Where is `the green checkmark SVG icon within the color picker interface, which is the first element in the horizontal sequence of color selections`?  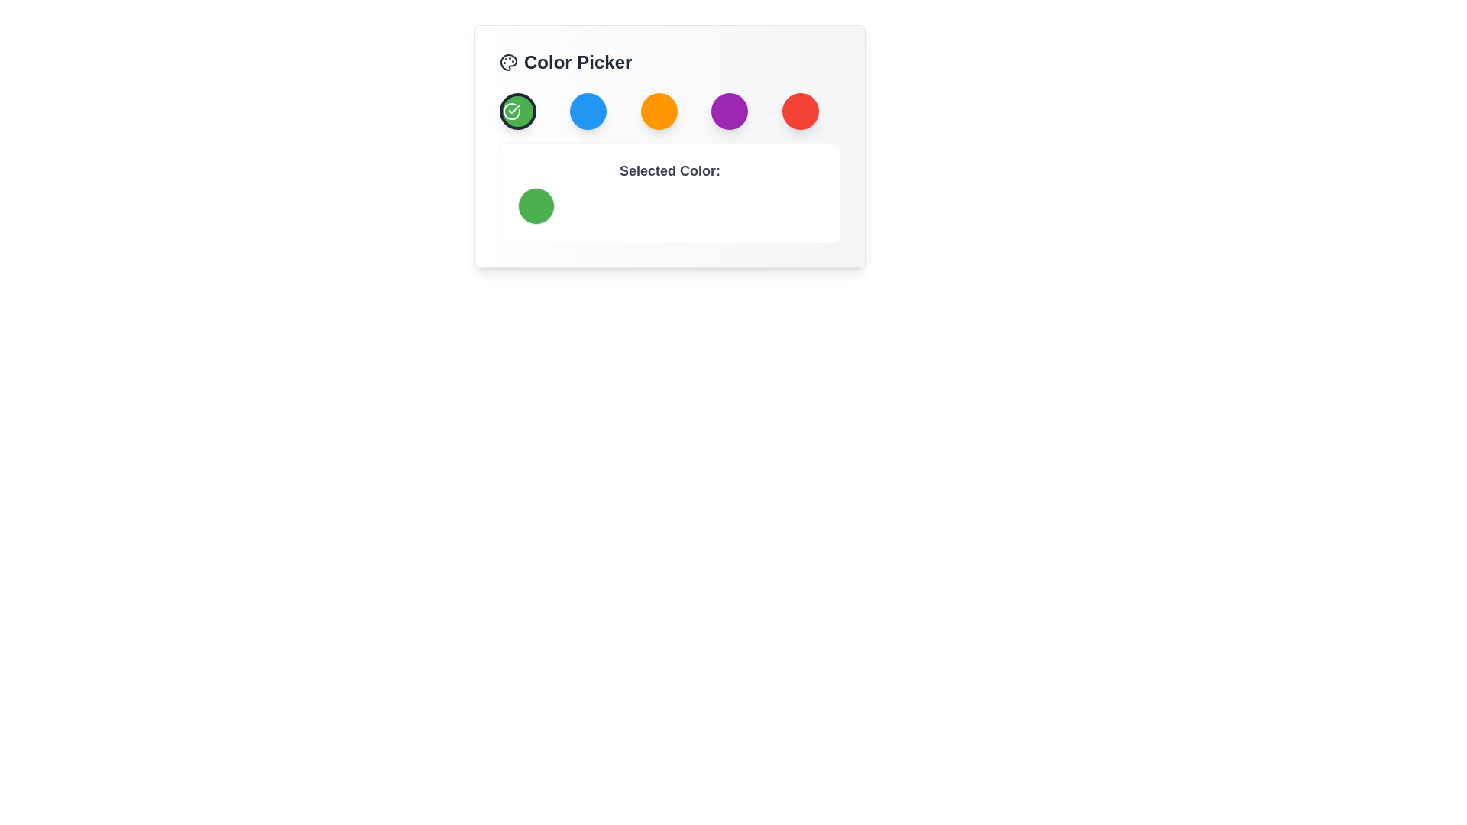
the green checkmark SVG icon within the color picker interface, which is the first element in the horizontal sequence of color selections is located at coordinates (512, 111).